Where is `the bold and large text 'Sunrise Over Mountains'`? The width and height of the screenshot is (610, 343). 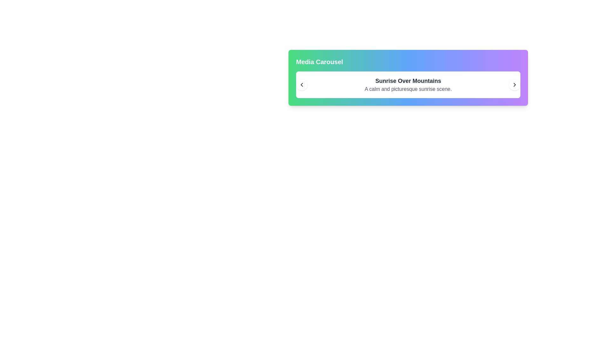
the bold and large text 'Sunrise Over Mountains' is located at coordinates (408, 80).